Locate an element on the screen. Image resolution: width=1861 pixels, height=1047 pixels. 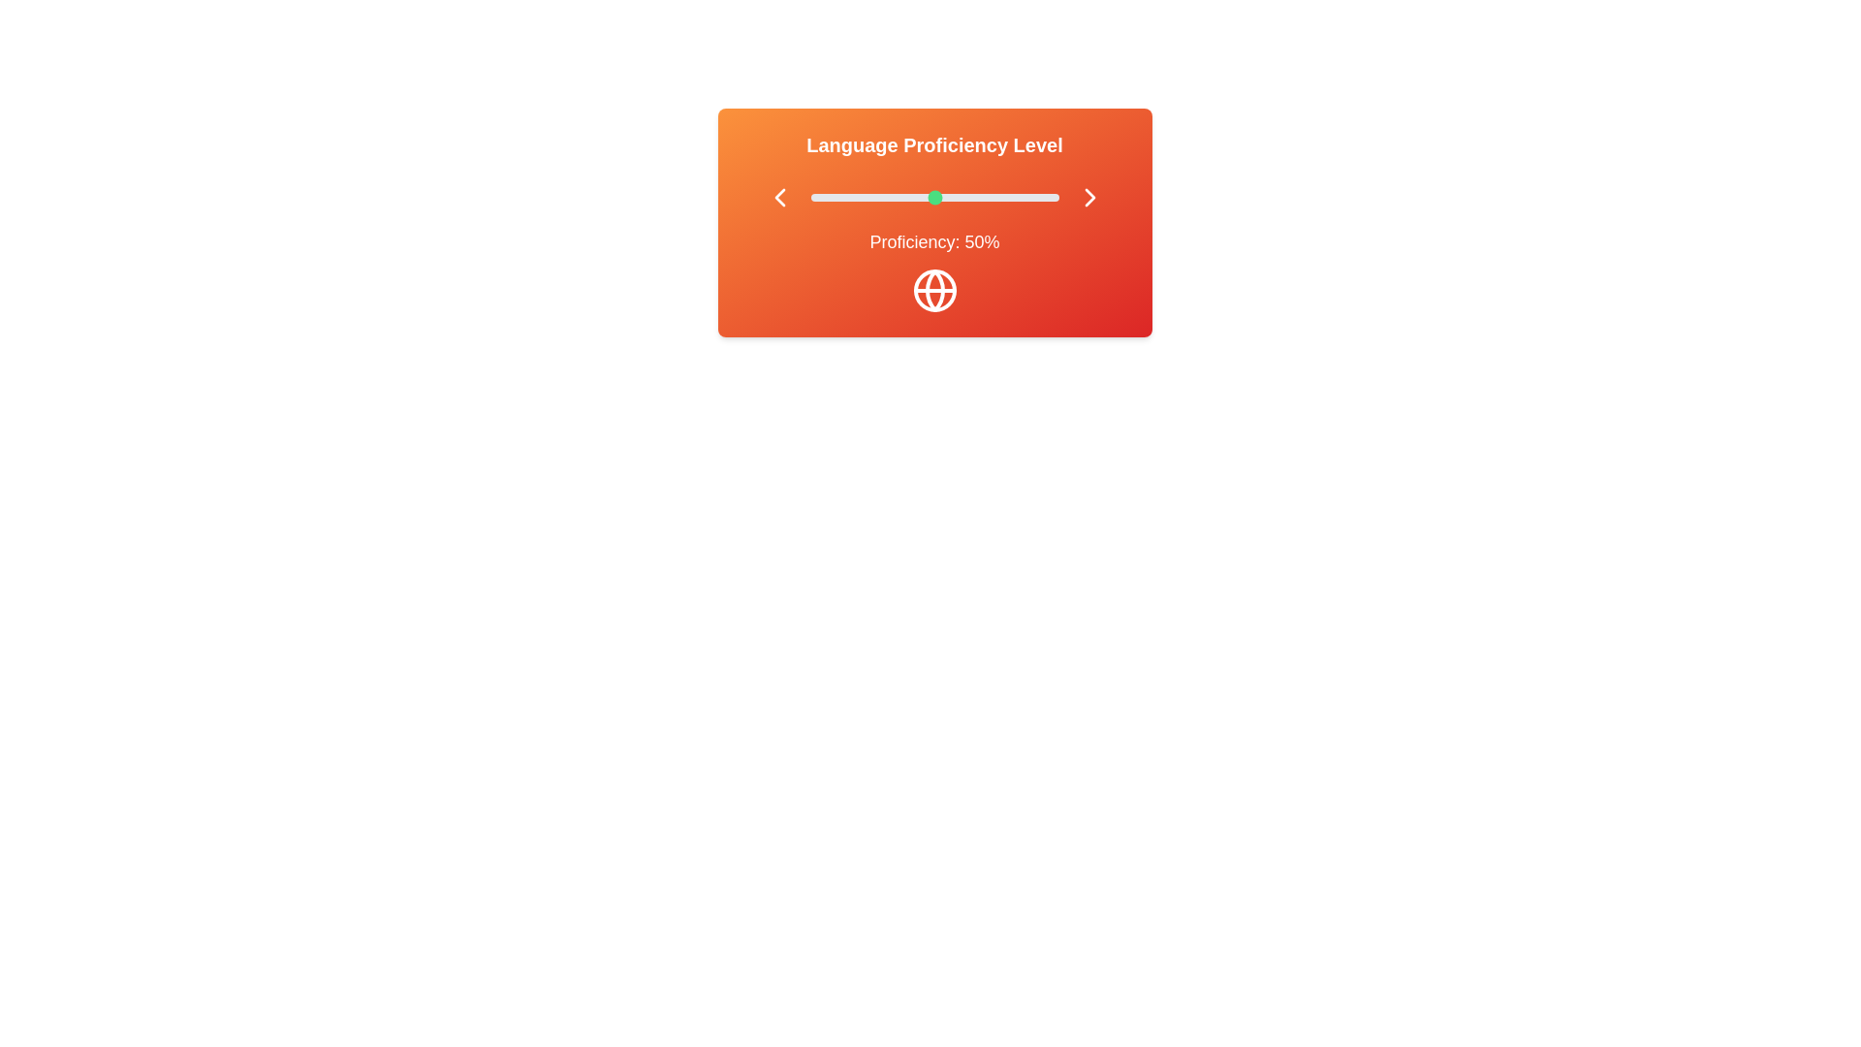
the proficiency level to 43% by adjusting the slider is located at coordinates (916, 198).